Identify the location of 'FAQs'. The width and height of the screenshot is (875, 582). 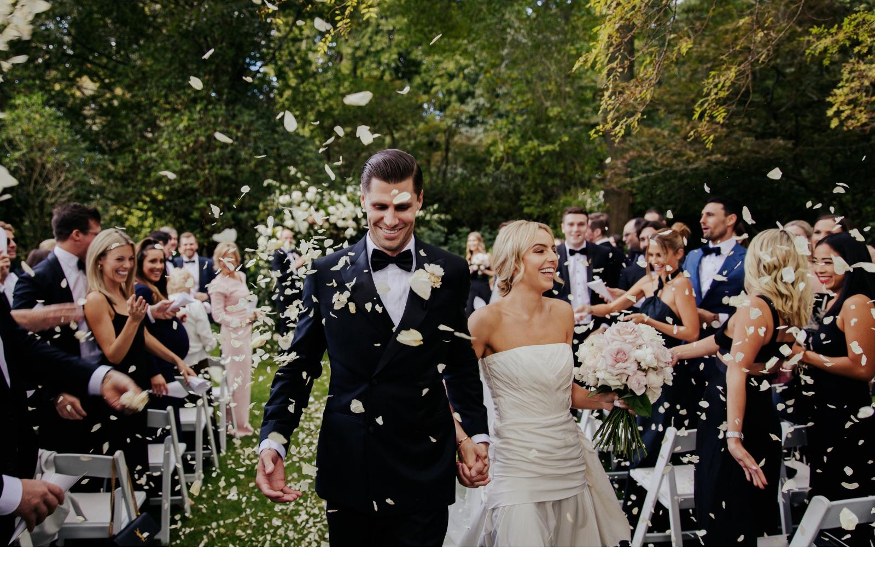
(452, 124).